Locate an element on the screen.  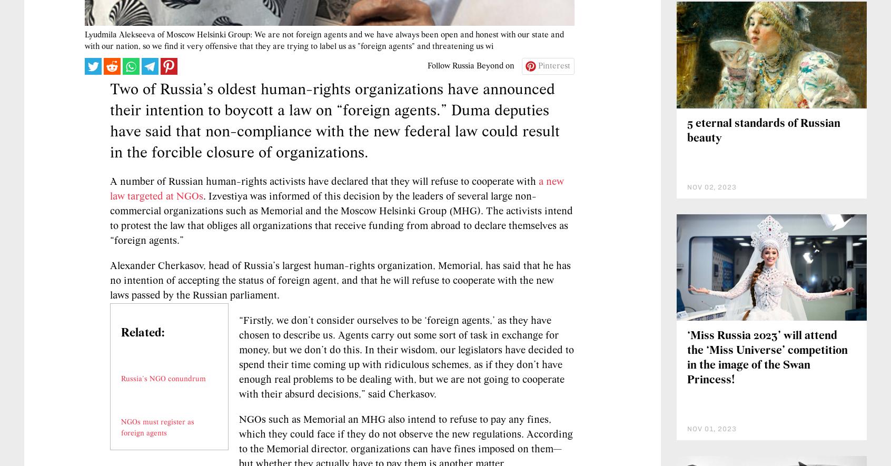
'Related:' is located at coordinates (143, 396).